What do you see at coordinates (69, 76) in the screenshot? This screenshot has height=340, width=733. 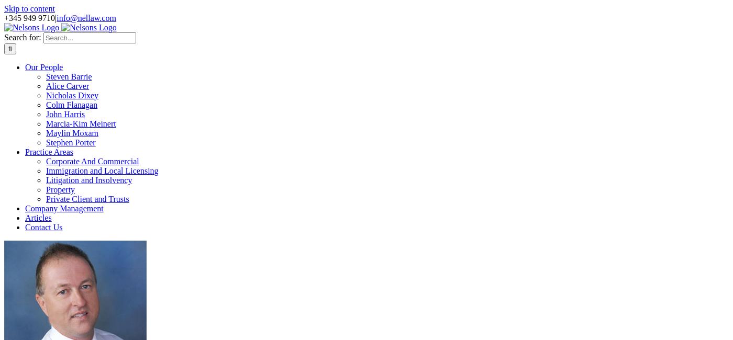 I see `'Steven Barrie'` at bounding box center [69, 76].